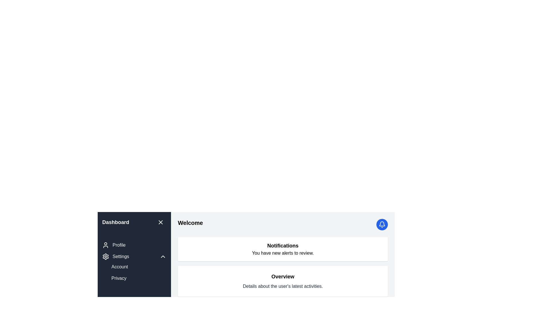 This screenshot has height=309, width=550. Describe the element at coordinates (106, 256) in the screenshot. I see `the gear icon in the left sidebar to interact with the settings menu` at that location.